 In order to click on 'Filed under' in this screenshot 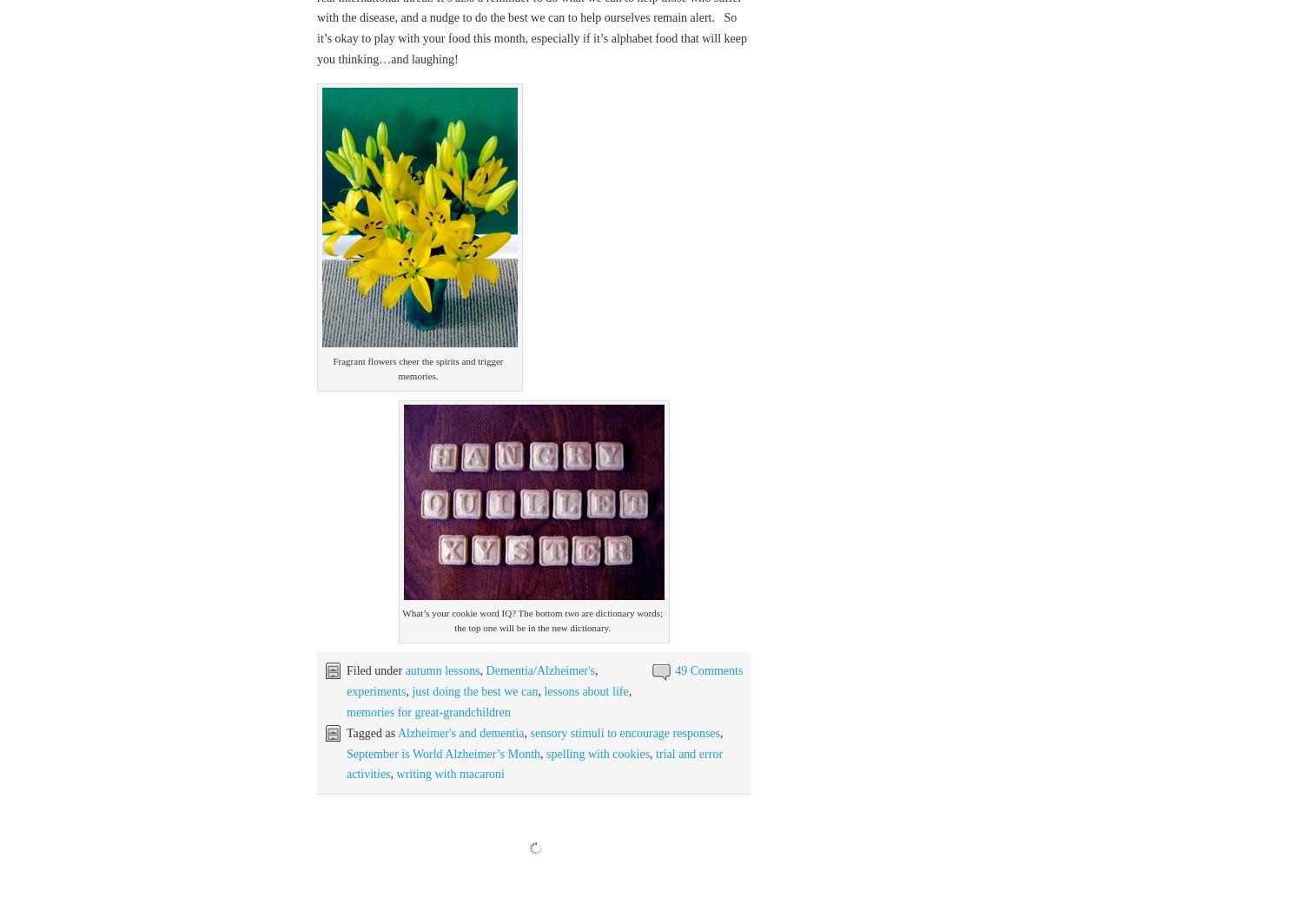, I will do `click(347, 670)`.